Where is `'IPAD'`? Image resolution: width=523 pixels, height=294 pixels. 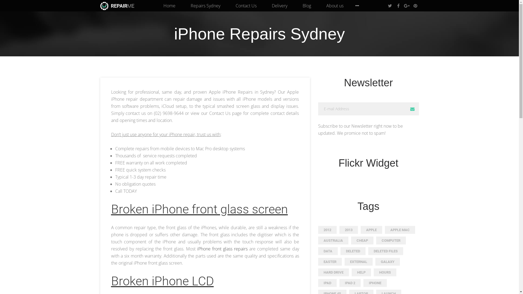
'IPAD' is located at coordinates (327, 283).